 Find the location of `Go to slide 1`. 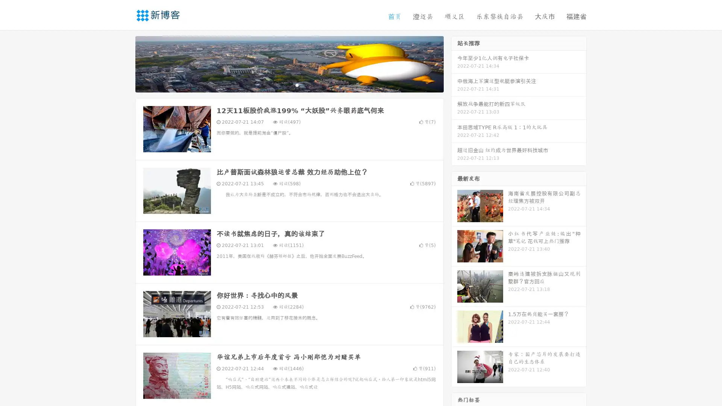

Go to slide 1 is located at coordinates (281, 85).